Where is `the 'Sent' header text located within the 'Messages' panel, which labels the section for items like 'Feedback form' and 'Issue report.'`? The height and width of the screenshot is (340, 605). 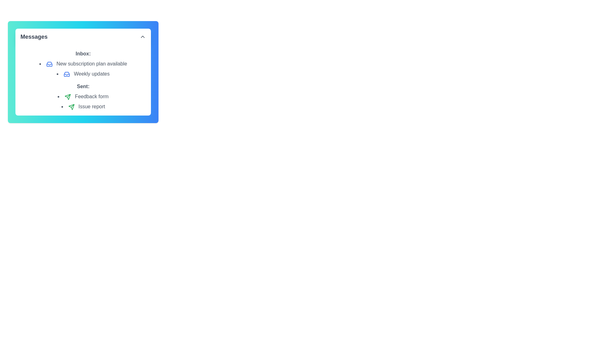
the 'Sent' header text located within the 'Messages' panel, which labels the section for items like 'Feedback form' and 'Issue report.' is located at coordinates (83, 86).